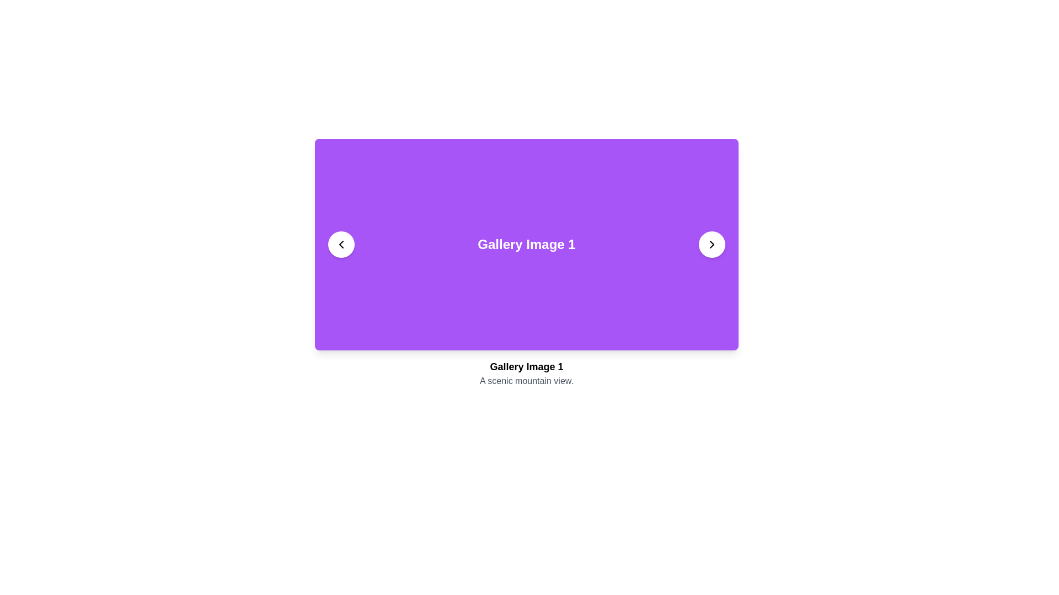 This screenshot has height=595, width=1059. Describe the element at coordinates (341, 244) in the screenshot. I see `the 'previous' button within the circular SVG icon located on the left side of the purple box` at that location.